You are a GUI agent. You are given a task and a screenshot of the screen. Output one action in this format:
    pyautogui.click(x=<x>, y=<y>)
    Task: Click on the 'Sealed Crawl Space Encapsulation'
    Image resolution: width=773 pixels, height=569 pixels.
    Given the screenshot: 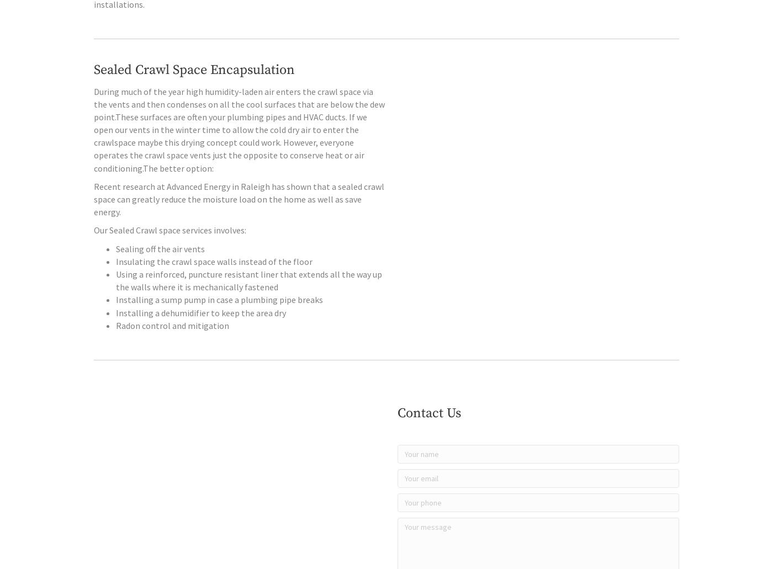 What is the action you would take?
    pyautogui.click(x=194, y=92)
    